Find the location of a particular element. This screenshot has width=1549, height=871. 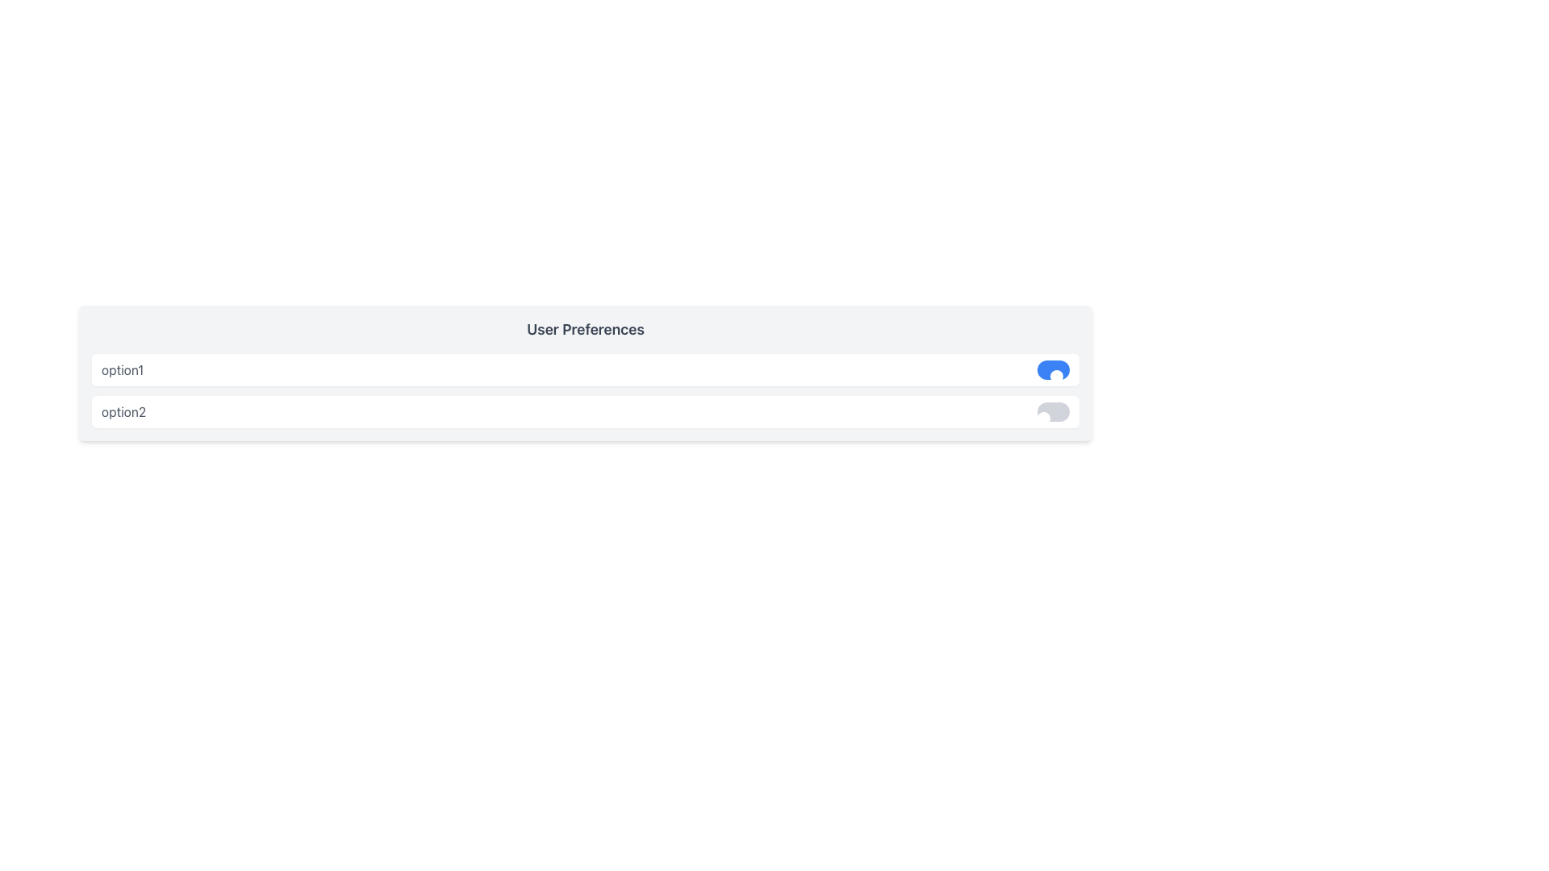

the toggle switch knob, which is represented by a blue capsule aligned to the right side of 'option1' is located at coordinates (1057, 376).